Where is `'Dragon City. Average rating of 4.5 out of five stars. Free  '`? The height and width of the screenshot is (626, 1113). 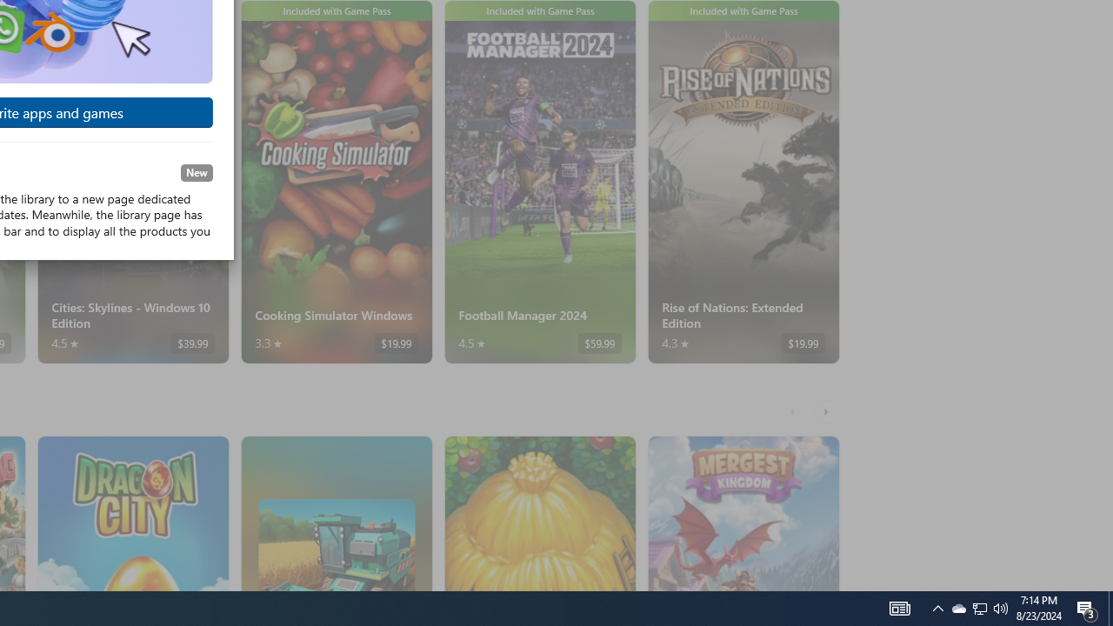 'Dragon City. Average rating of 4.5 out of five stars. Free  ' is located at coordinates (131, 512).